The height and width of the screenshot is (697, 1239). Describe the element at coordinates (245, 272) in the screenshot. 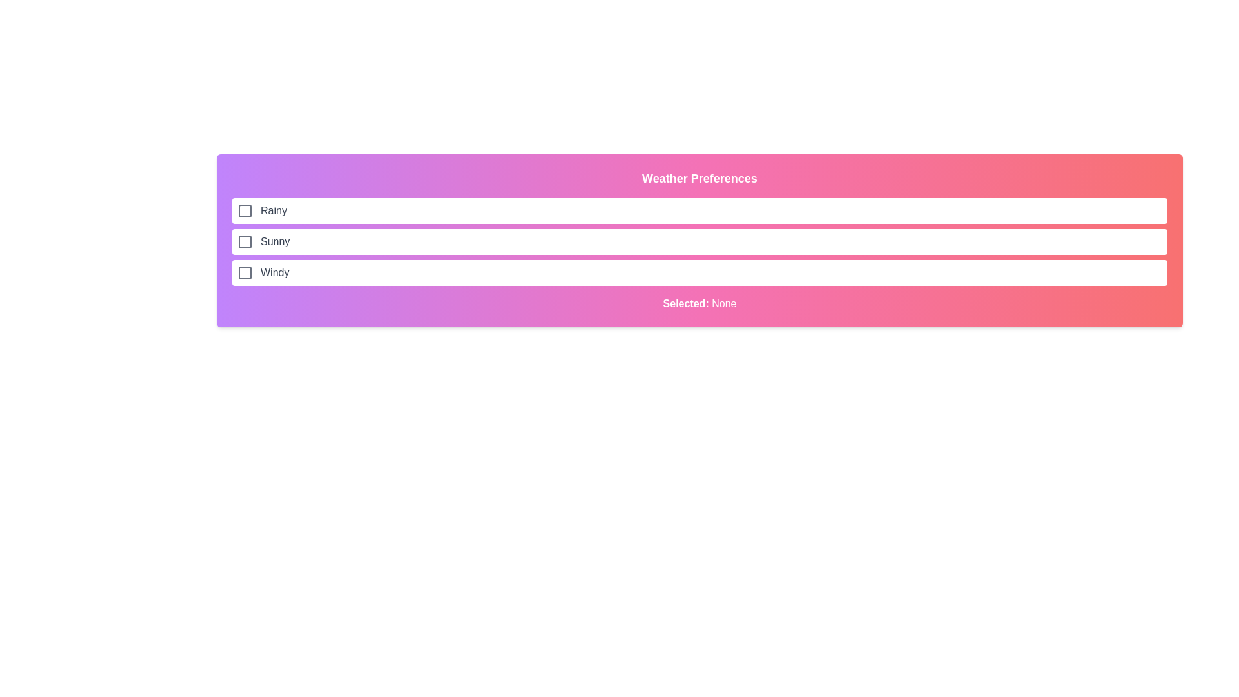

I see `the decorative shape within the checkbox for the 'Windy' option in the weather preferences list` at that location.